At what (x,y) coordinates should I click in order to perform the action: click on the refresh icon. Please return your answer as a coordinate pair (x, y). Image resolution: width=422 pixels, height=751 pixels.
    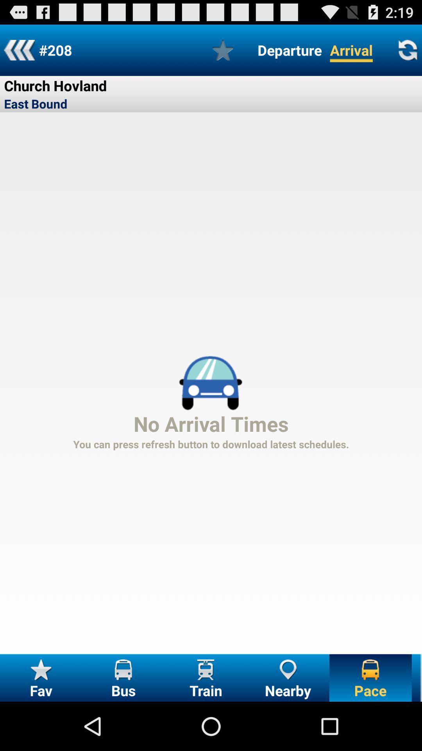
    Looking at the image, I should click on (407, 53).